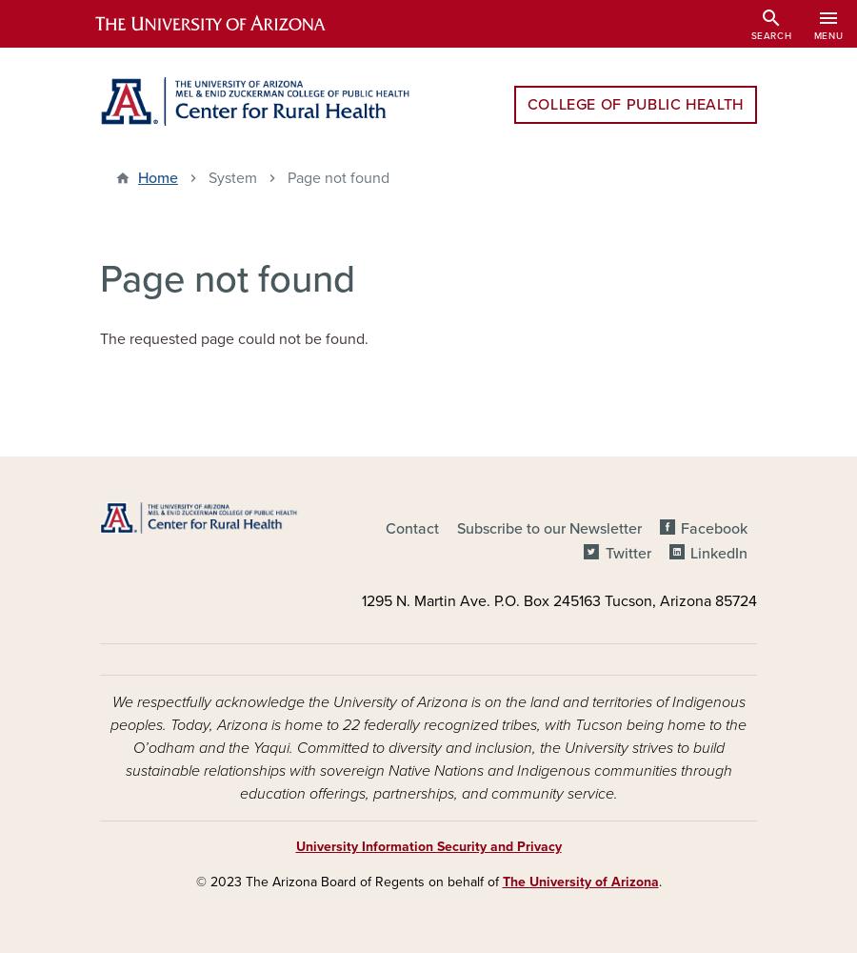 The image size is (857, 953). I want to click on '© 2023 The Arizona Board of Regents on behalf of', so click(349, 882).